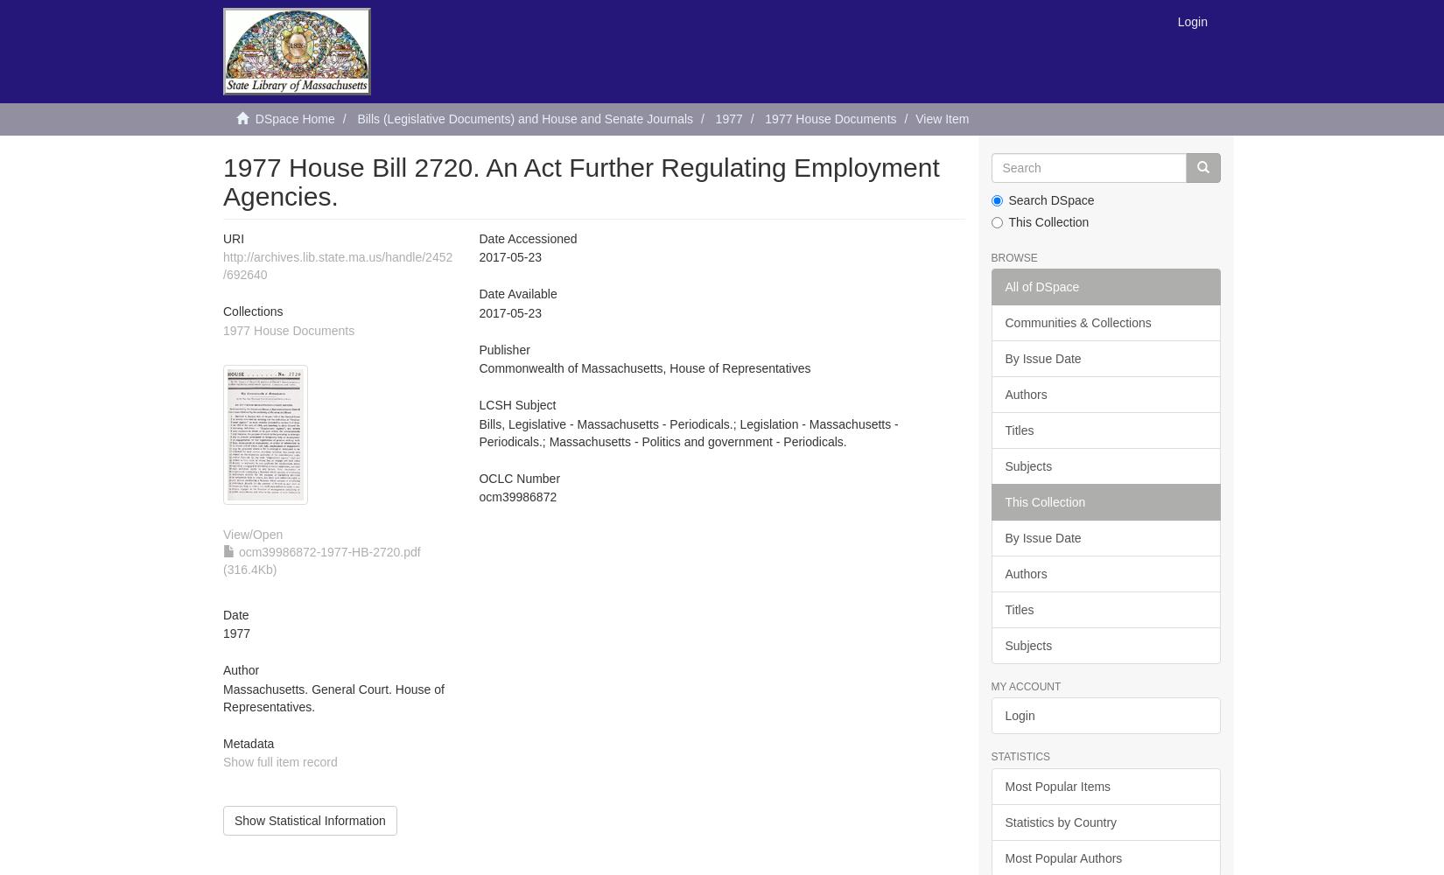  I want to click on 'Most Popular Items', so click(1057, 786).